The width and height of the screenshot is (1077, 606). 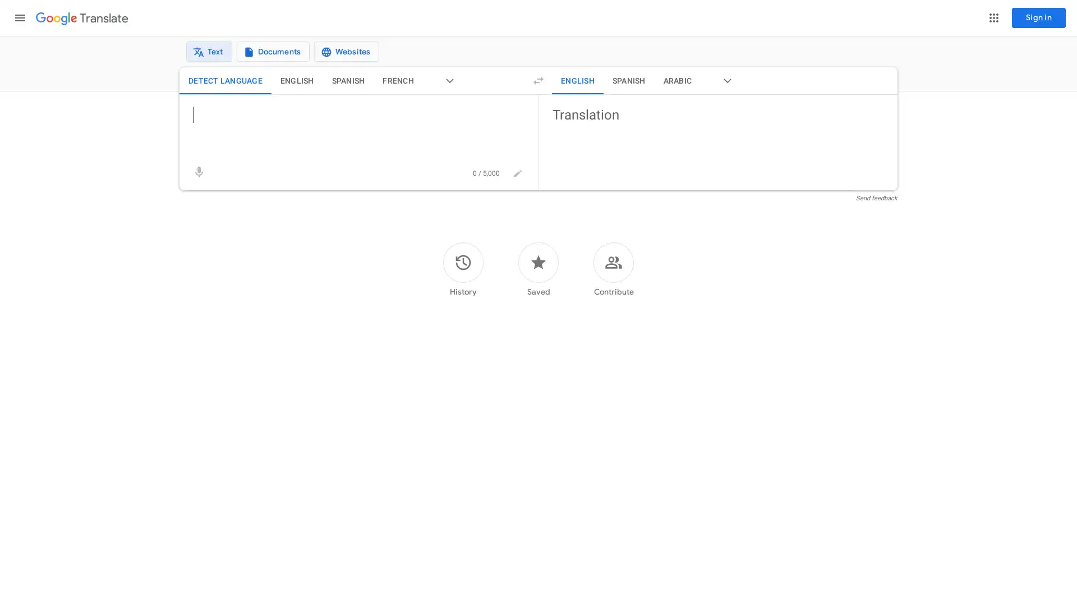 I want to click on Swap languages (Cmd+Shift+S), so click(x=538, y=86).